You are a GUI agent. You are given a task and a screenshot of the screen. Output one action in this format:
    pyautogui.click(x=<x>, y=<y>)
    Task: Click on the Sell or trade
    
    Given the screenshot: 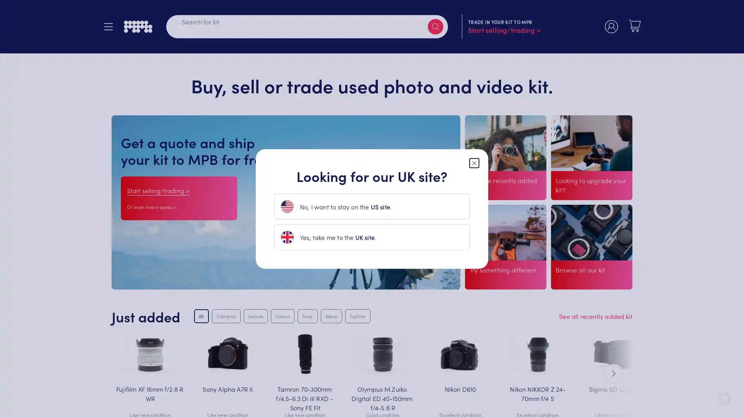 What is the action you would take?
    pyautogui.click(x=577, y=201)
    